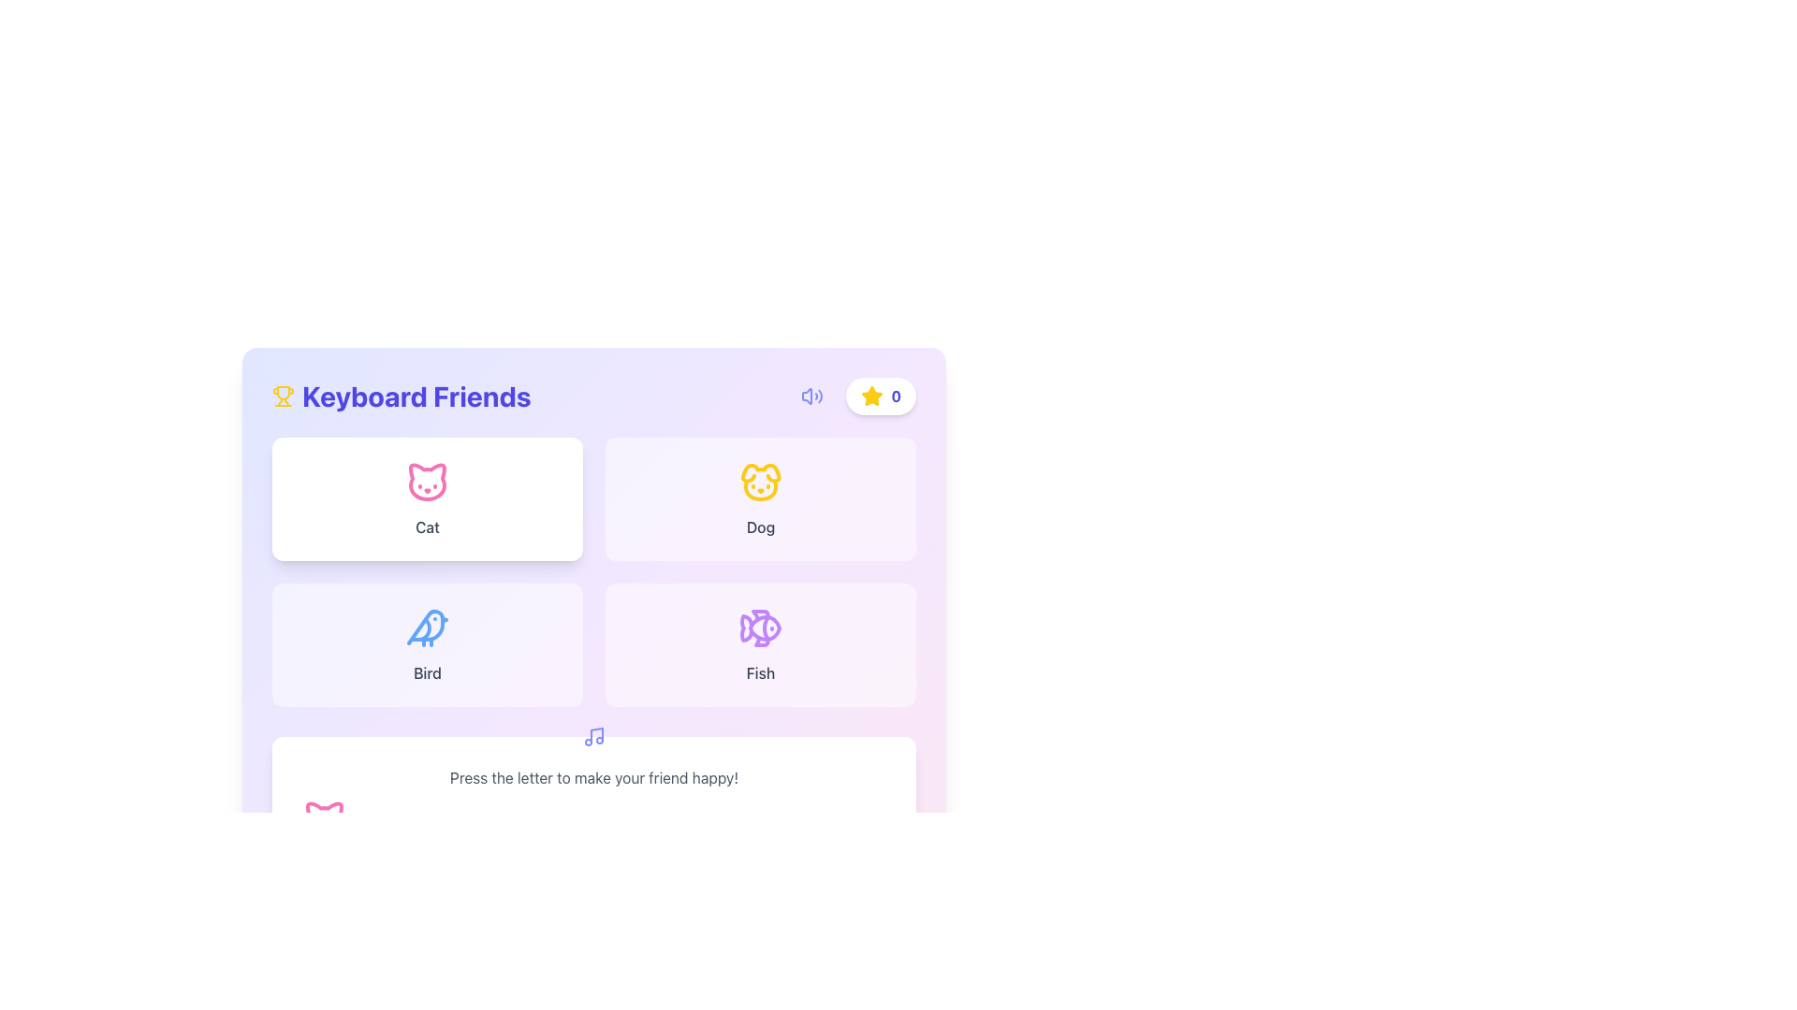  What do you see at coordinates (871, 396) in the screenshot?
I see `the visual representation of the yellow star-shaped icon located at the top right of the widget, which is part of a group with a numerical indicator '0' next to it` at bounding box center [871, 396].